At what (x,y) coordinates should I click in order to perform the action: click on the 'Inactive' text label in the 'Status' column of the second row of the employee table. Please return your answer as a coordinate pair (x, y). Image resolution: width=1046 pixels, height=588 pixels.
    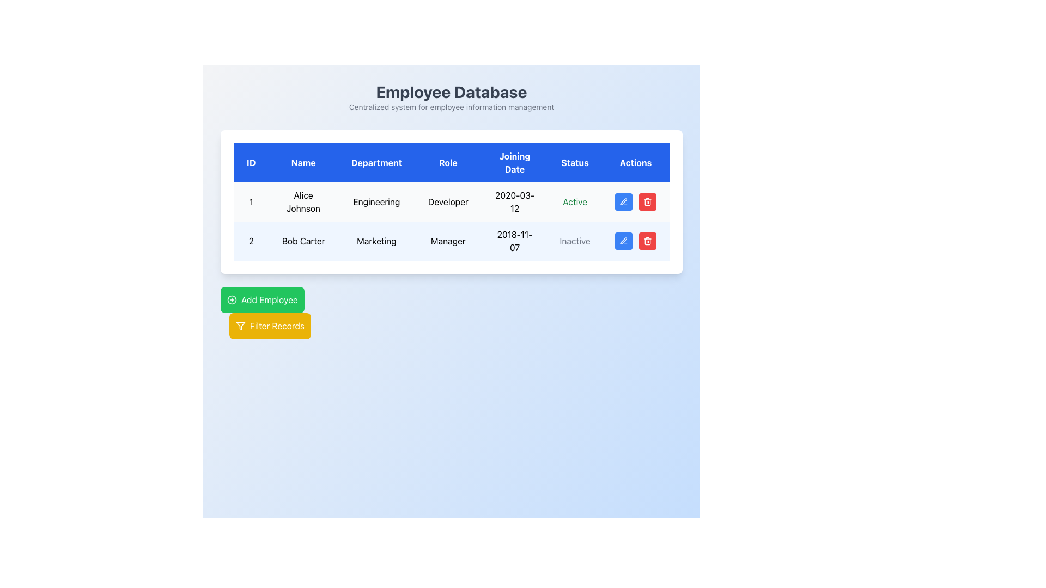
    Looking at the image, I should click on (574, 241).